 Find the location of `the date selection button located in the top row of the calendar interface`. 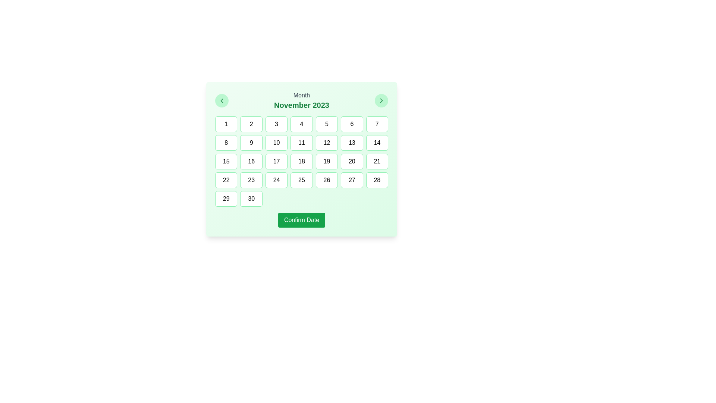

the date selection button located in the top row of the calendar interface is located at coordinates (377, 124).